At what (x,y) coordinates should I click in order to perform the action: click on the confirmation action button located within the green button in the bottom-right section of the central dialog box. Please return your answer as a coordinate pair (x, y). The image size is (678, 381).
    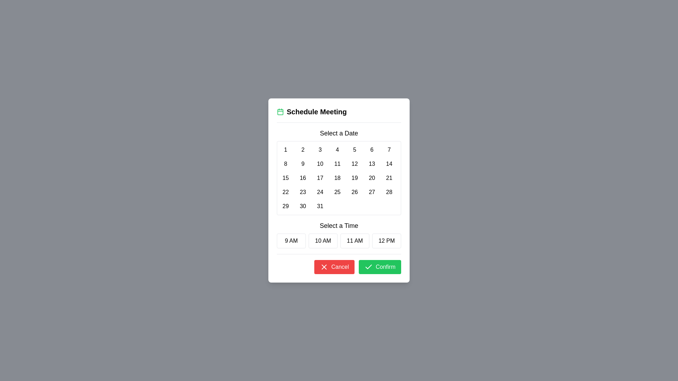
    Looking at the image, I should click on (385, 267).